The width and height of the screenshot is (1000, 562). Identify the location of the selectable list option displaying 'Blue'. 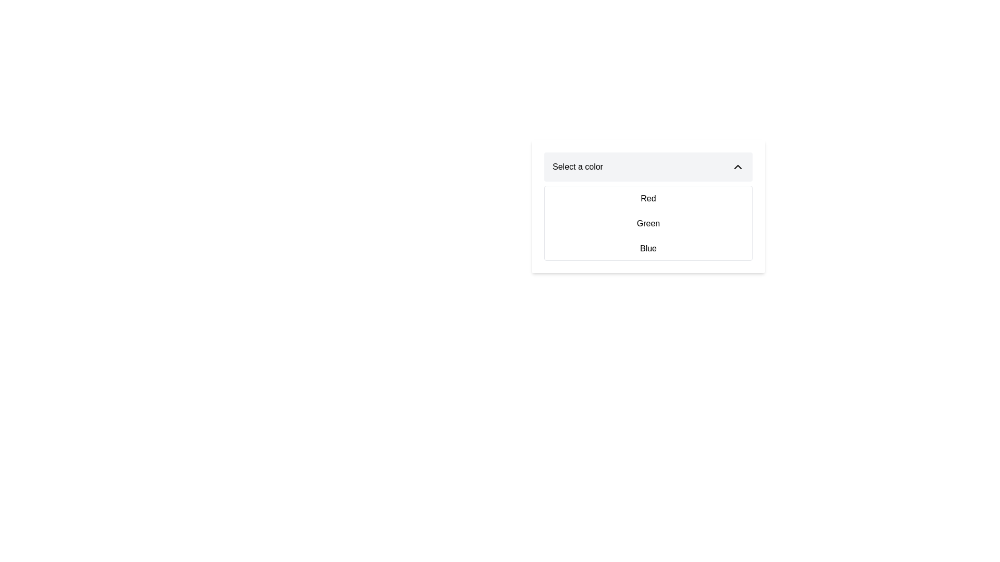
(647, 249).